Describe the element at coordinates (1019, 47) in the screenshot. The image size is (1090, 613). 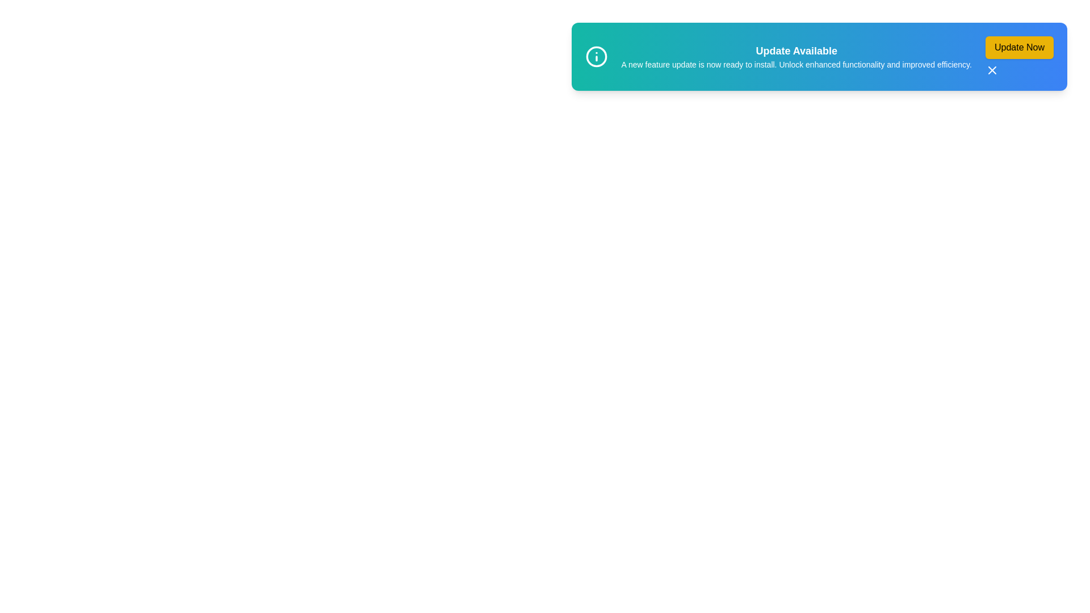
I see `the 'Update Now' button to initiate the update installation` at that location.